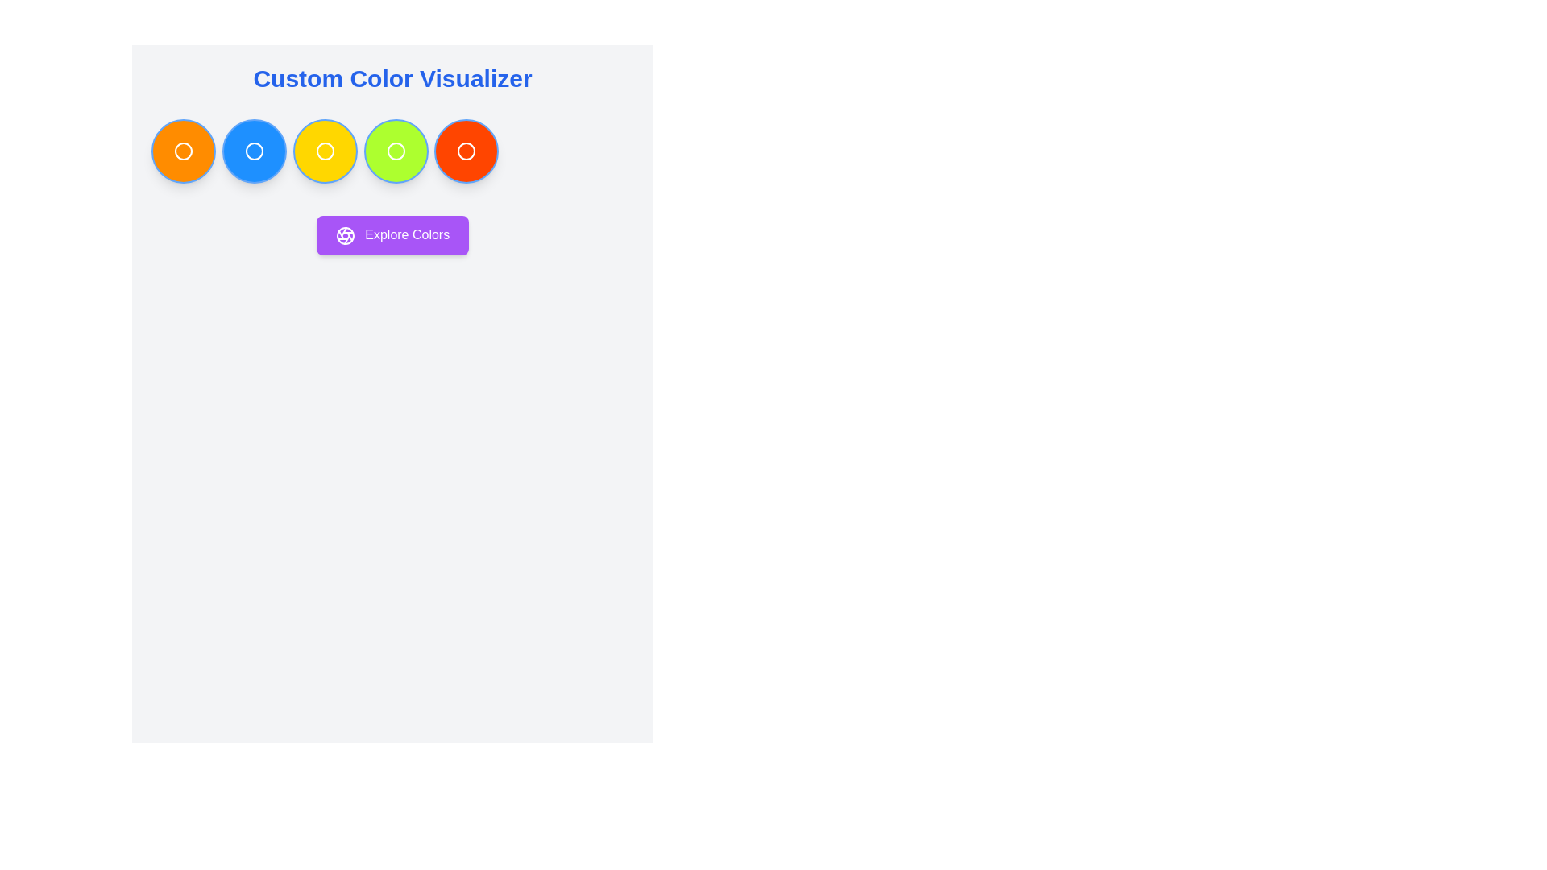 This screenshot has width=1547, height=870. I want to click on the third colored circle in the horizontal sequence, located below the title 'Custom Color Visualizer' and above the 'Explore Colors' button, so click(324, 151).